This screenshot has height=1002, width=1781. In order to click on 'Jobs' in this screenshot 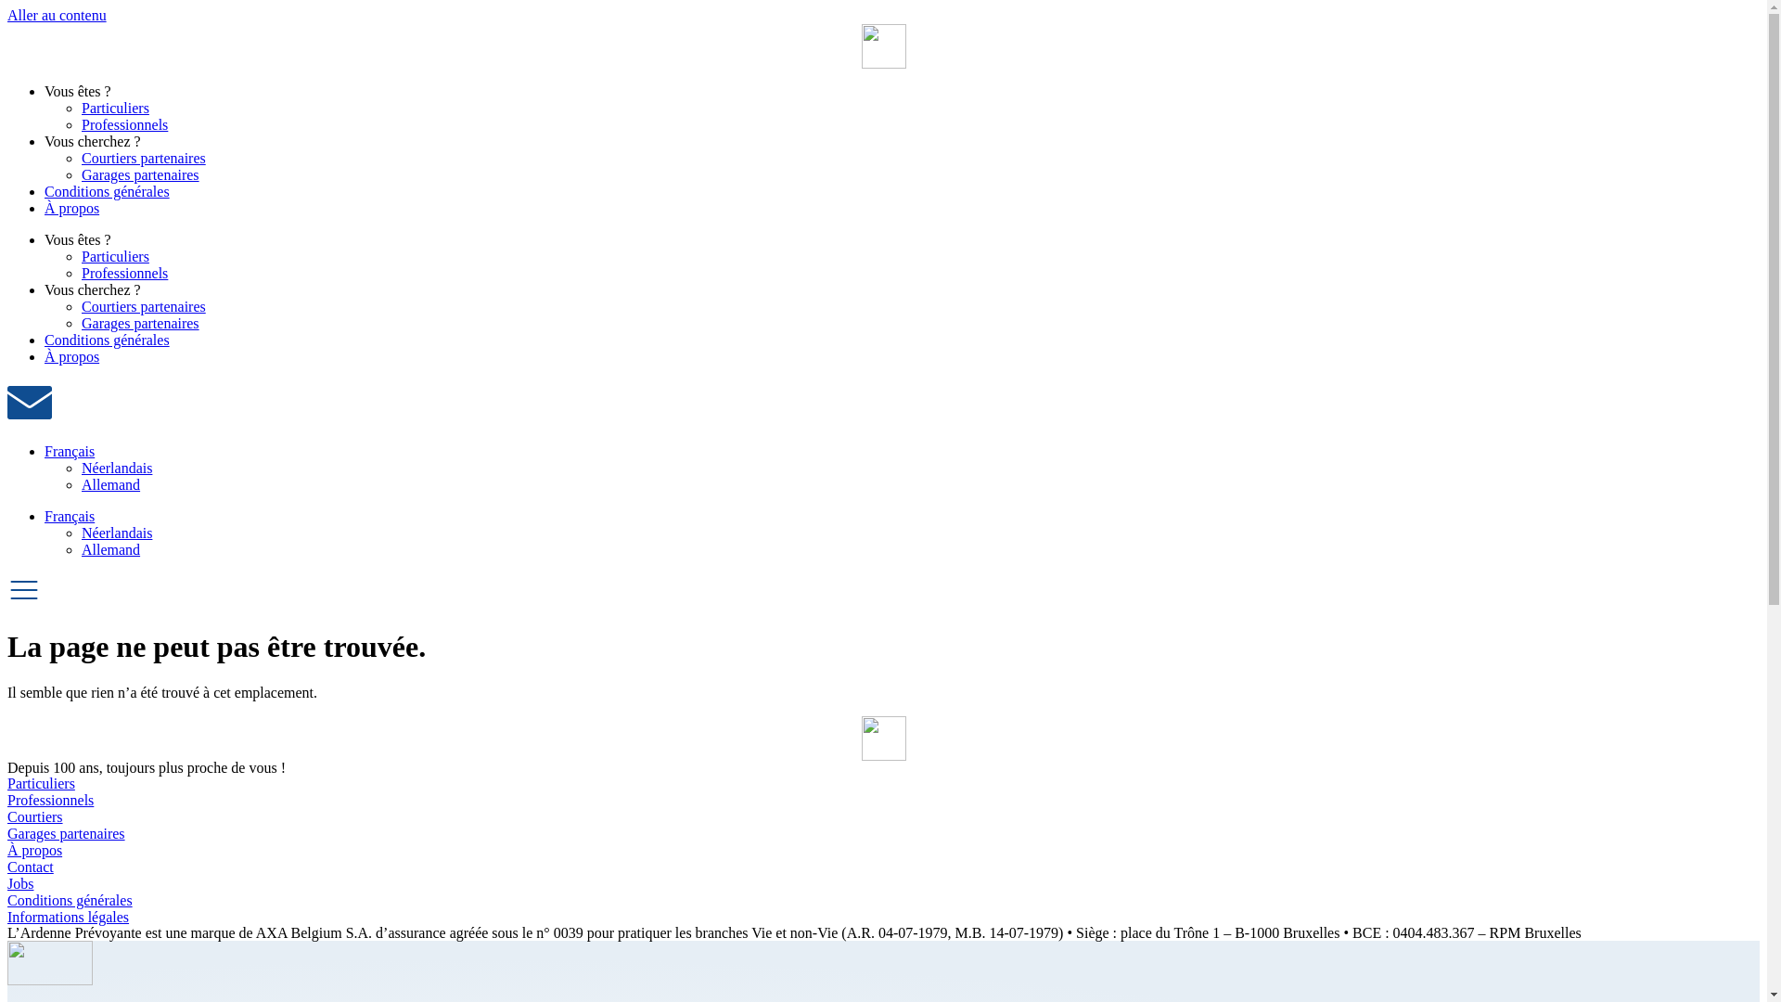, I will do `click(882, 882)`.